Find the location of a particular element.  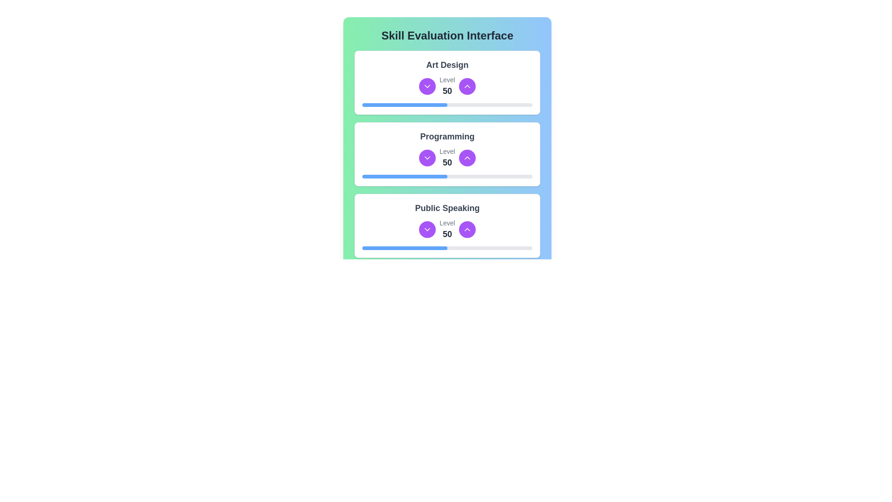

the arrow icon centered within the circular button located in the bottom-right of the 'Public Speaking' section to increase the level by one unit is located at coordinates (467, 229).